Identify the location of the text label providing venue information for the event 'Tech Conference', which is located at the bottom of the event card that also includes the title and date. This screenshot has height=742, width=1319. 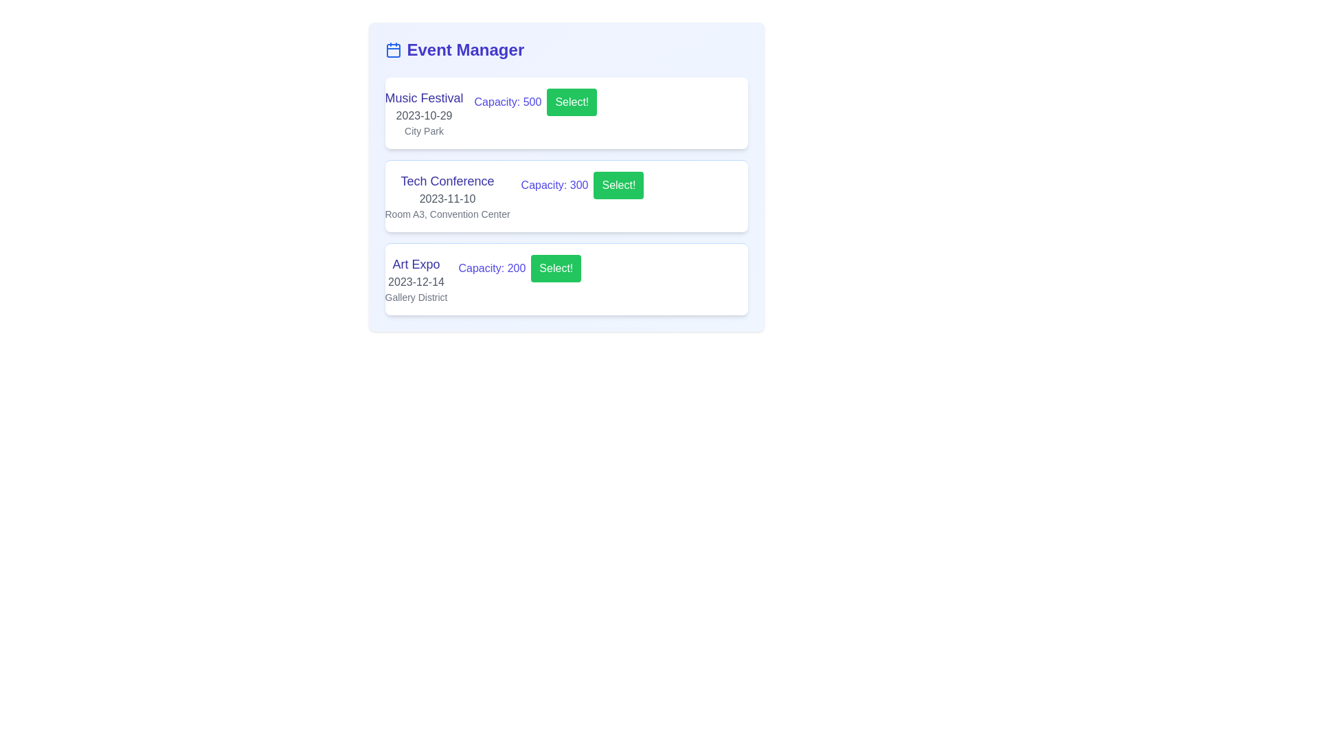
(447, 214).